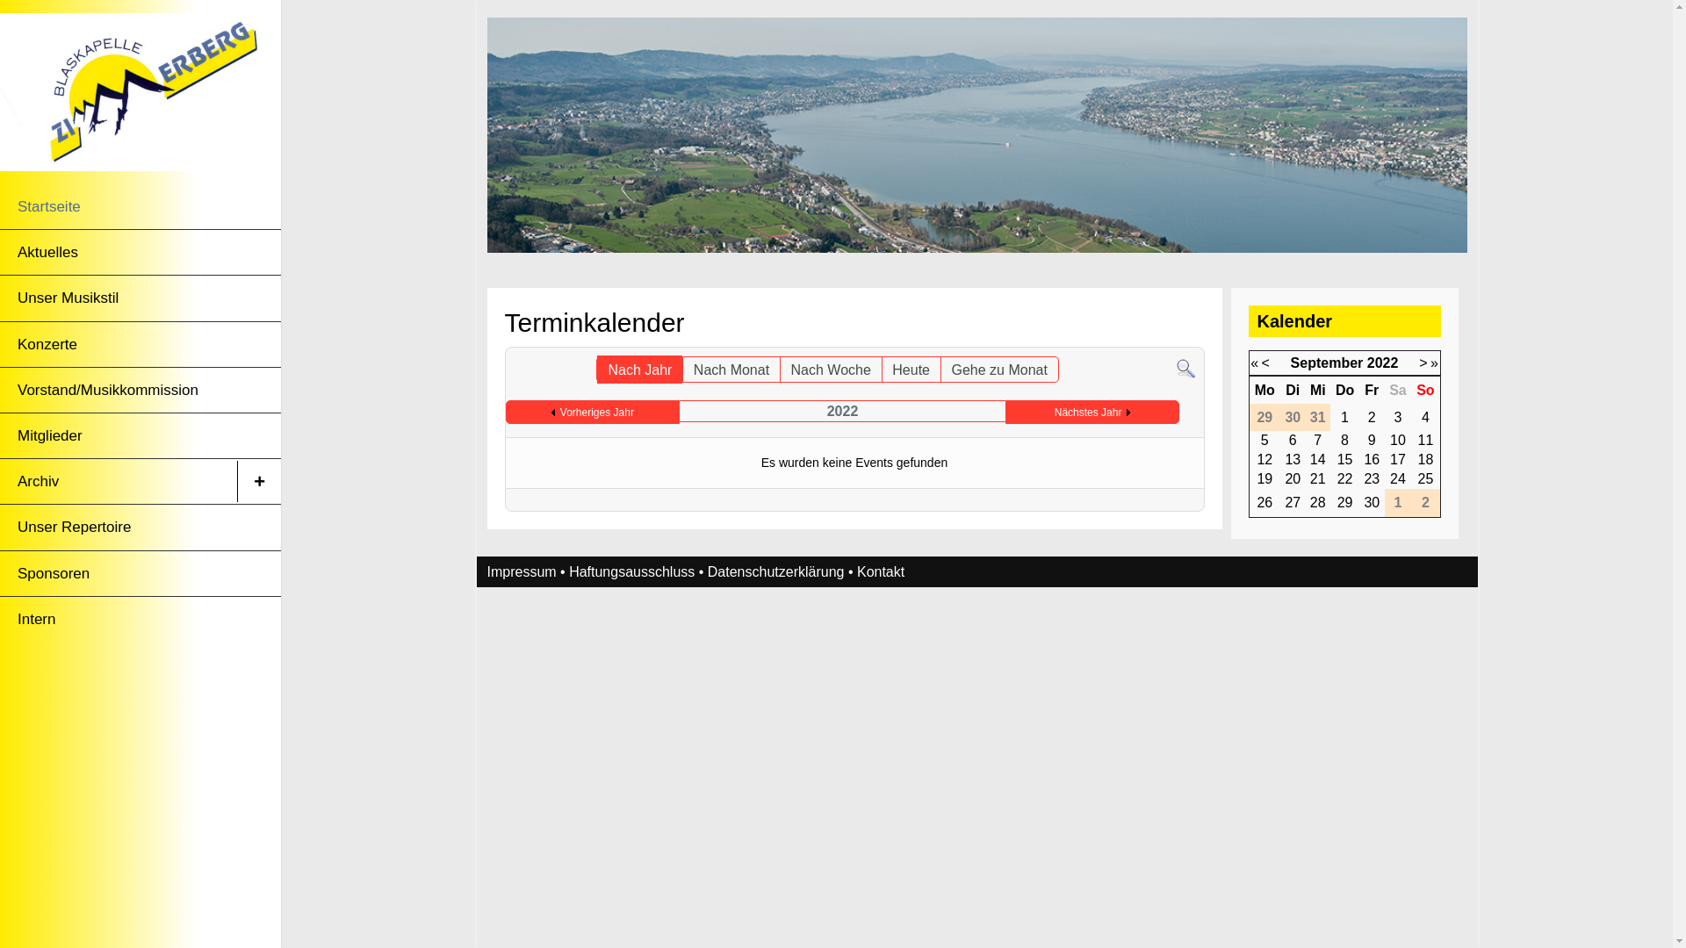  What do you see at coordinates (1425, 458) in the screenshot?
I see `'18'` at bounding box center [1425, 458].